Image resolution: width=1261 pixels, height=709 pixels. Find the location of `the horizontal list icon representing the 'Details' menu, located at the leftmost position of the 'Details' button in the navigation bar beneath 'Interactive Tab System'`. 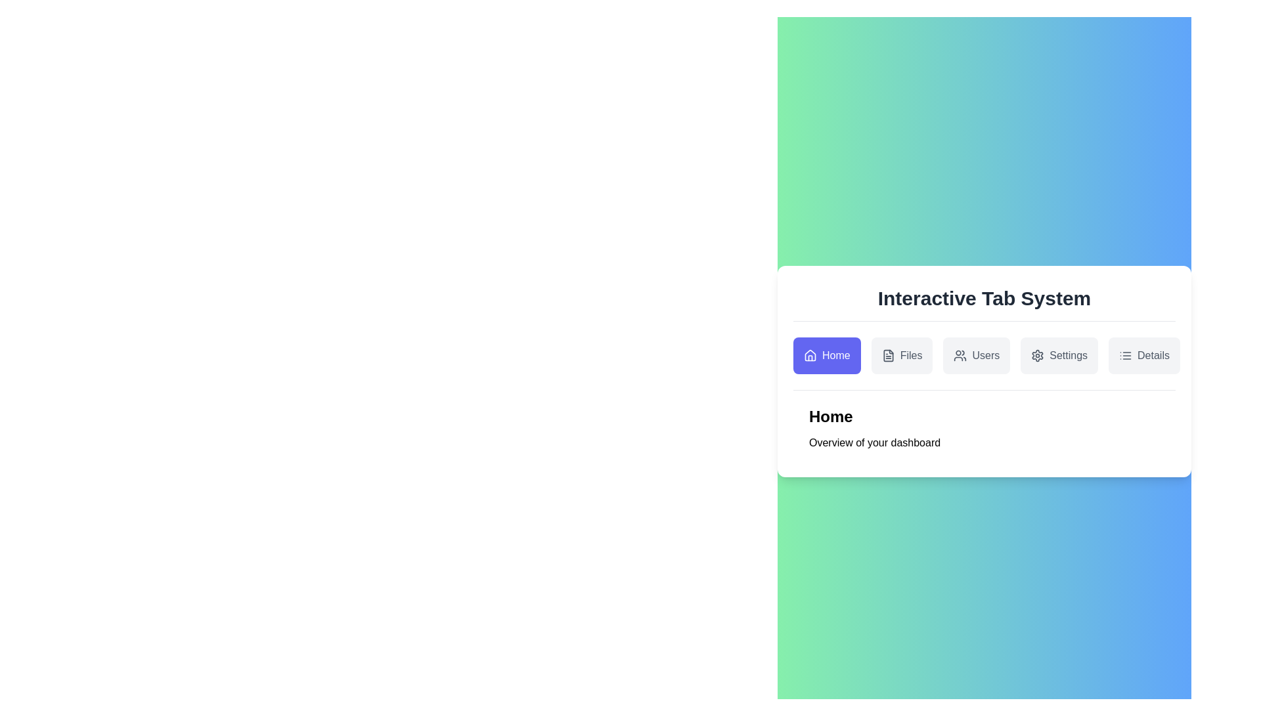

the horizontal list icon representing the 'Details' menu, located at the leftmost position of the 'Details' button in the navigation bar beneath 'Interactive Tab System' is located at coordinates (1124, 356).